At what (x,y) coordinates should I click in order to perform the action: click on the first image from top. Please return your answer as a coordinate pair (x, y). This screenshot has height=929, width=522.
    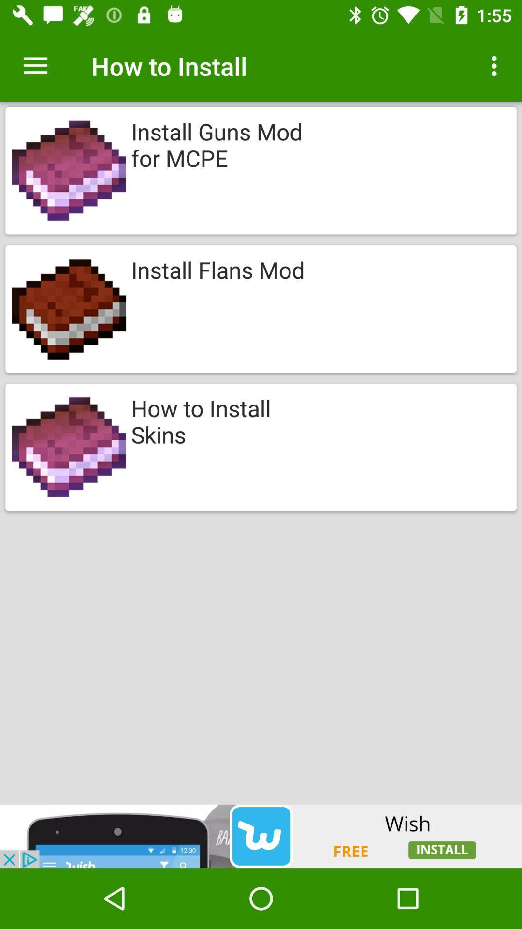
    Looking at the image, I should click on (68, 171).